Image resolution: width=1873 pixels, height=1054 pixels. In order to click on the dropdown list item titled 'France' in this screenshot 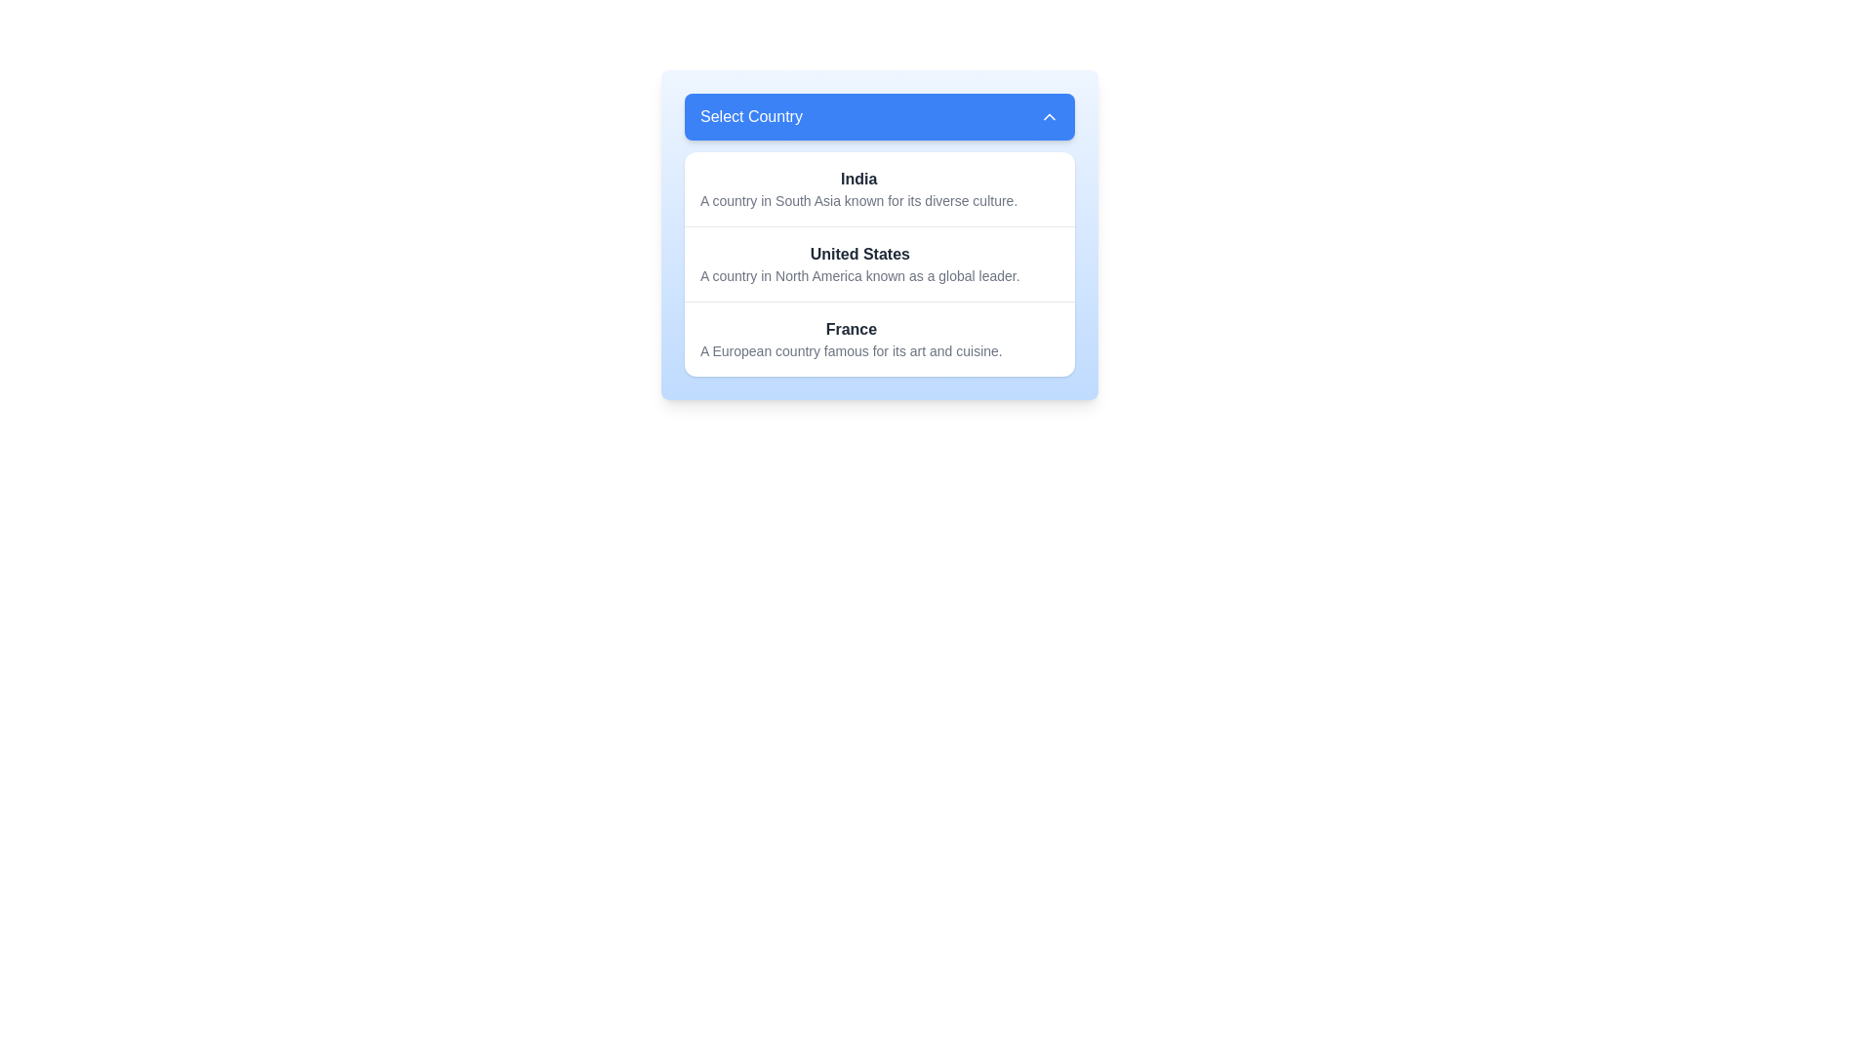, I will do `click(879, 338)`.